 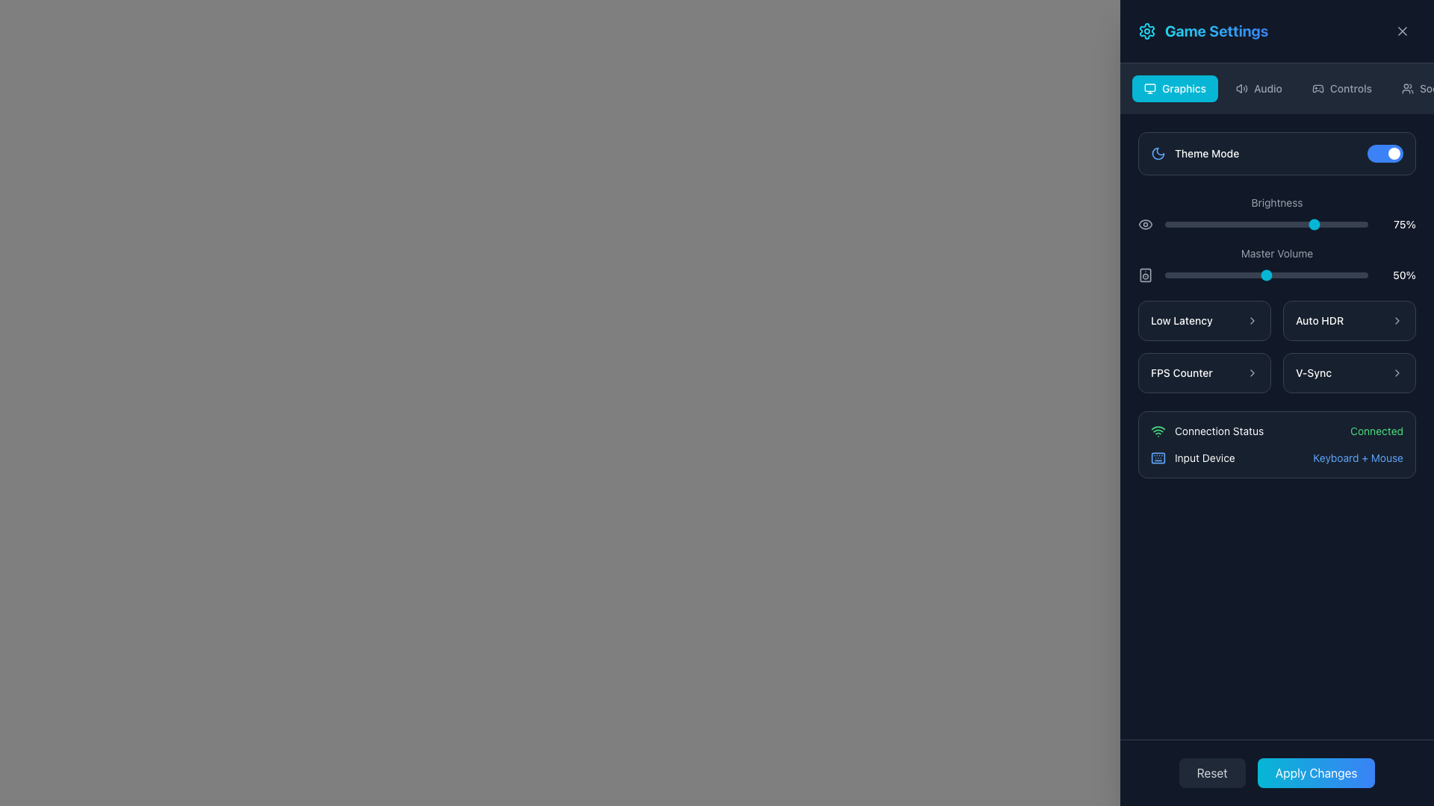 I want to click on the chevron icon located on the right side of the 'V-Sync' button group in the settings panel, so click(x=1397, y=372).